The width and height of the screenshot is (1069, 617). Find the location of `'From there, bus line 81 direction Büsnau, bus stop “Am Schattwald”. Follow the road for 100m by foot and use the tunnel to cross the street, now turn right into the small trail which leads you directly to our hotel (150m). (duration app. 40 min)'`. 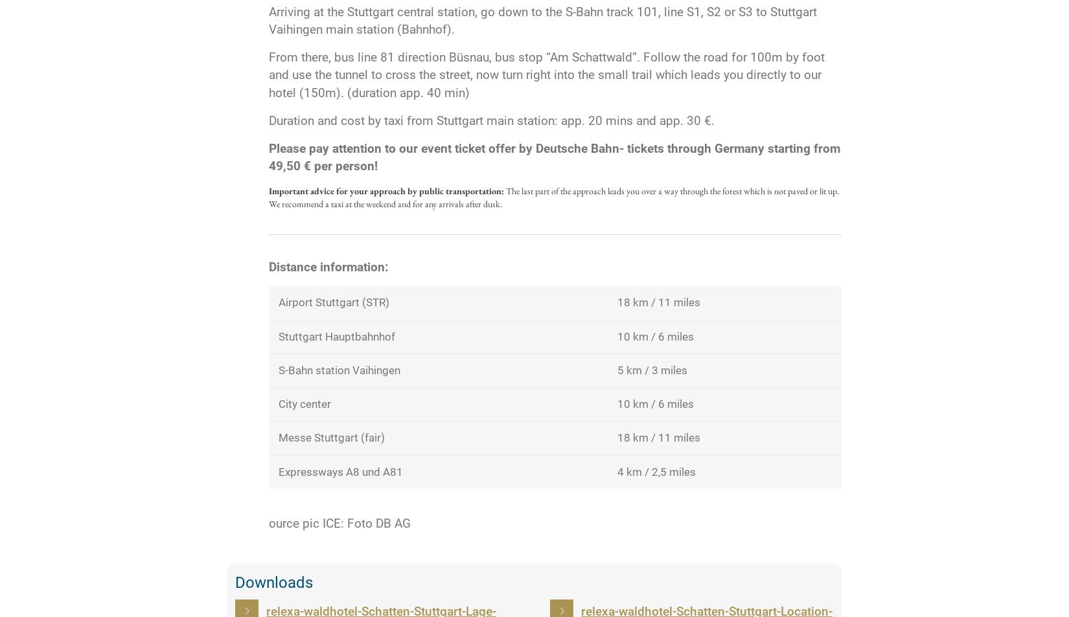

'From there, bus line 81 direction Büsnau, bus stop “Am Schattwald”. Follow the road for 100m by foot and use the tunnel to cross the street, now turn right into the small trail which leads you directly to our hotel (150m). (duration app. 40 min)' is located at coordinates (546, 74).